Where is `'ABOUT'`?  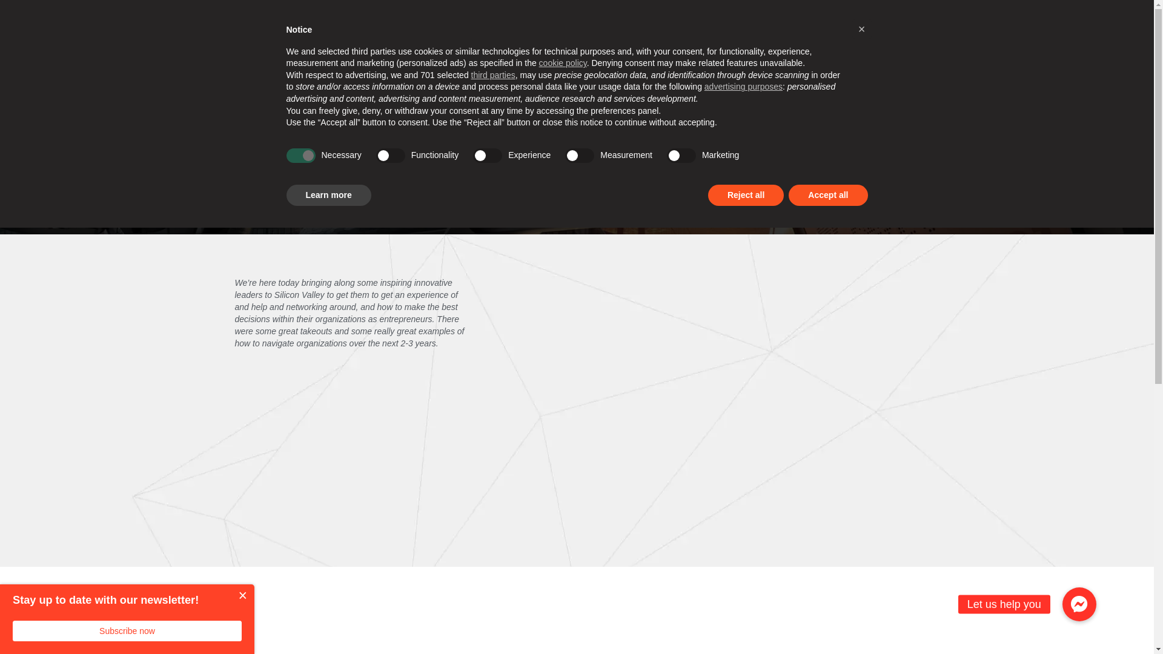 'ABOUT' is located at coordinates (292, 16).